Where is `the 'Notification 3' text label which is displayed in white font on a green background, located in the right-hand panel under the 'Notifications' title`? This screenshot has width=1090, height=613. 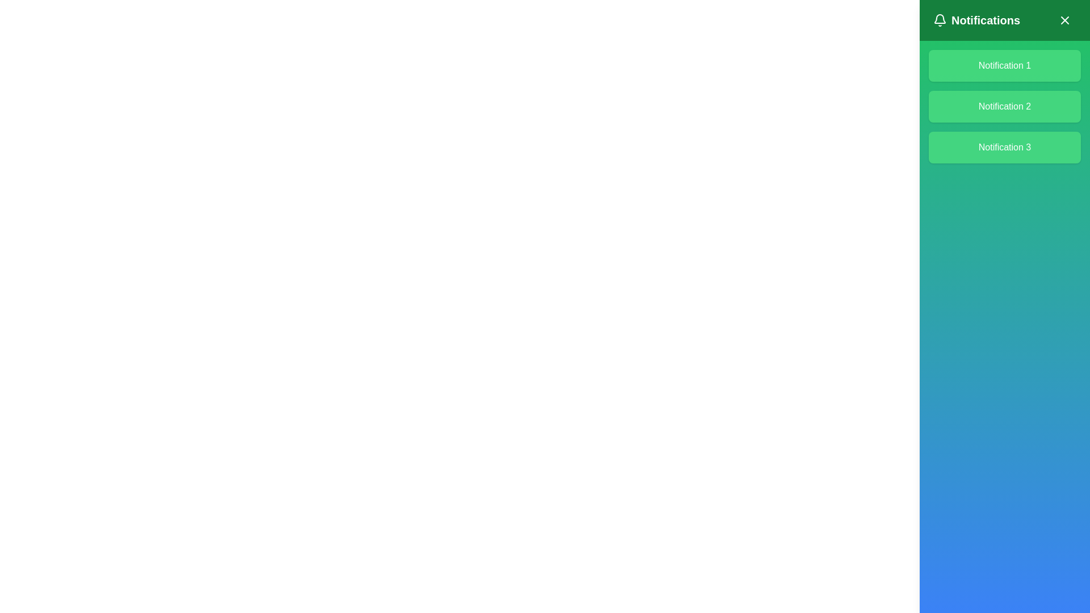 the 'Notification 3' text label which is displayed in white font on a green background, located in the right-hand panel under the 'Notifications' title is located at coordinates (1005, 146).